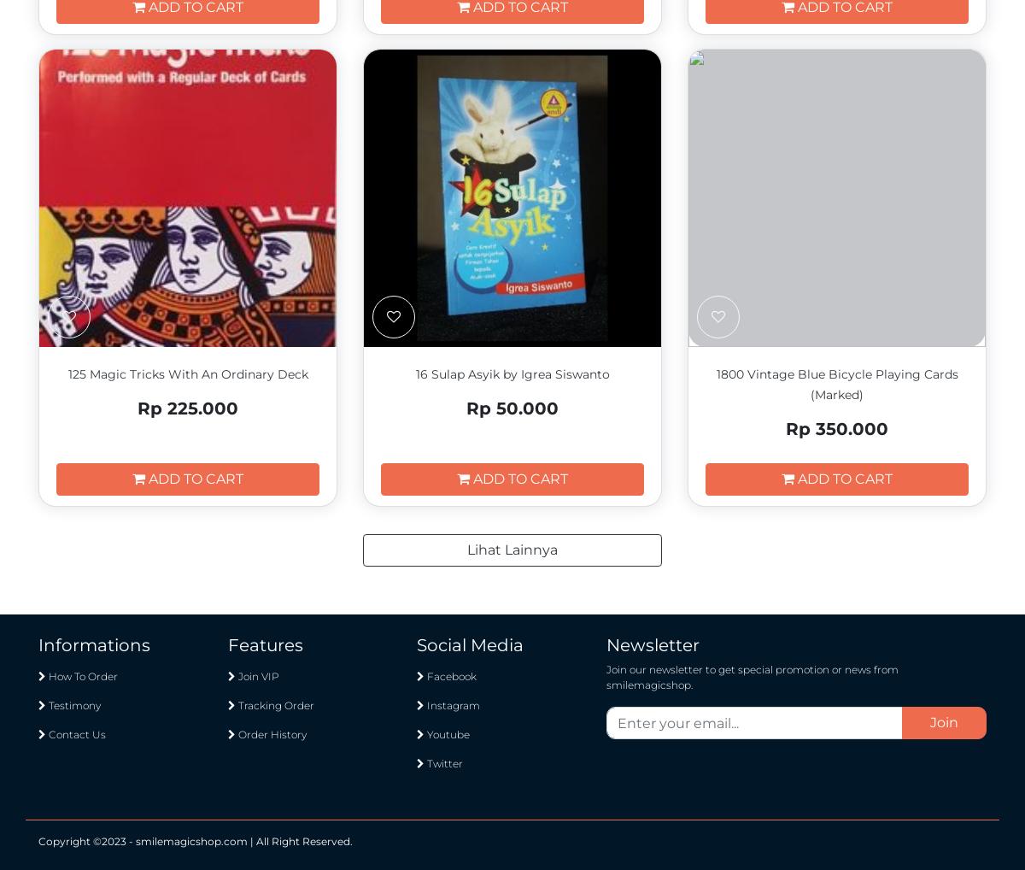  What do you see at coordinates (752, 677) in the screenshot?
I see `'Join our newsletter to get special promotion or news from smilemagicshop.'` at bounding box center [752, 677].